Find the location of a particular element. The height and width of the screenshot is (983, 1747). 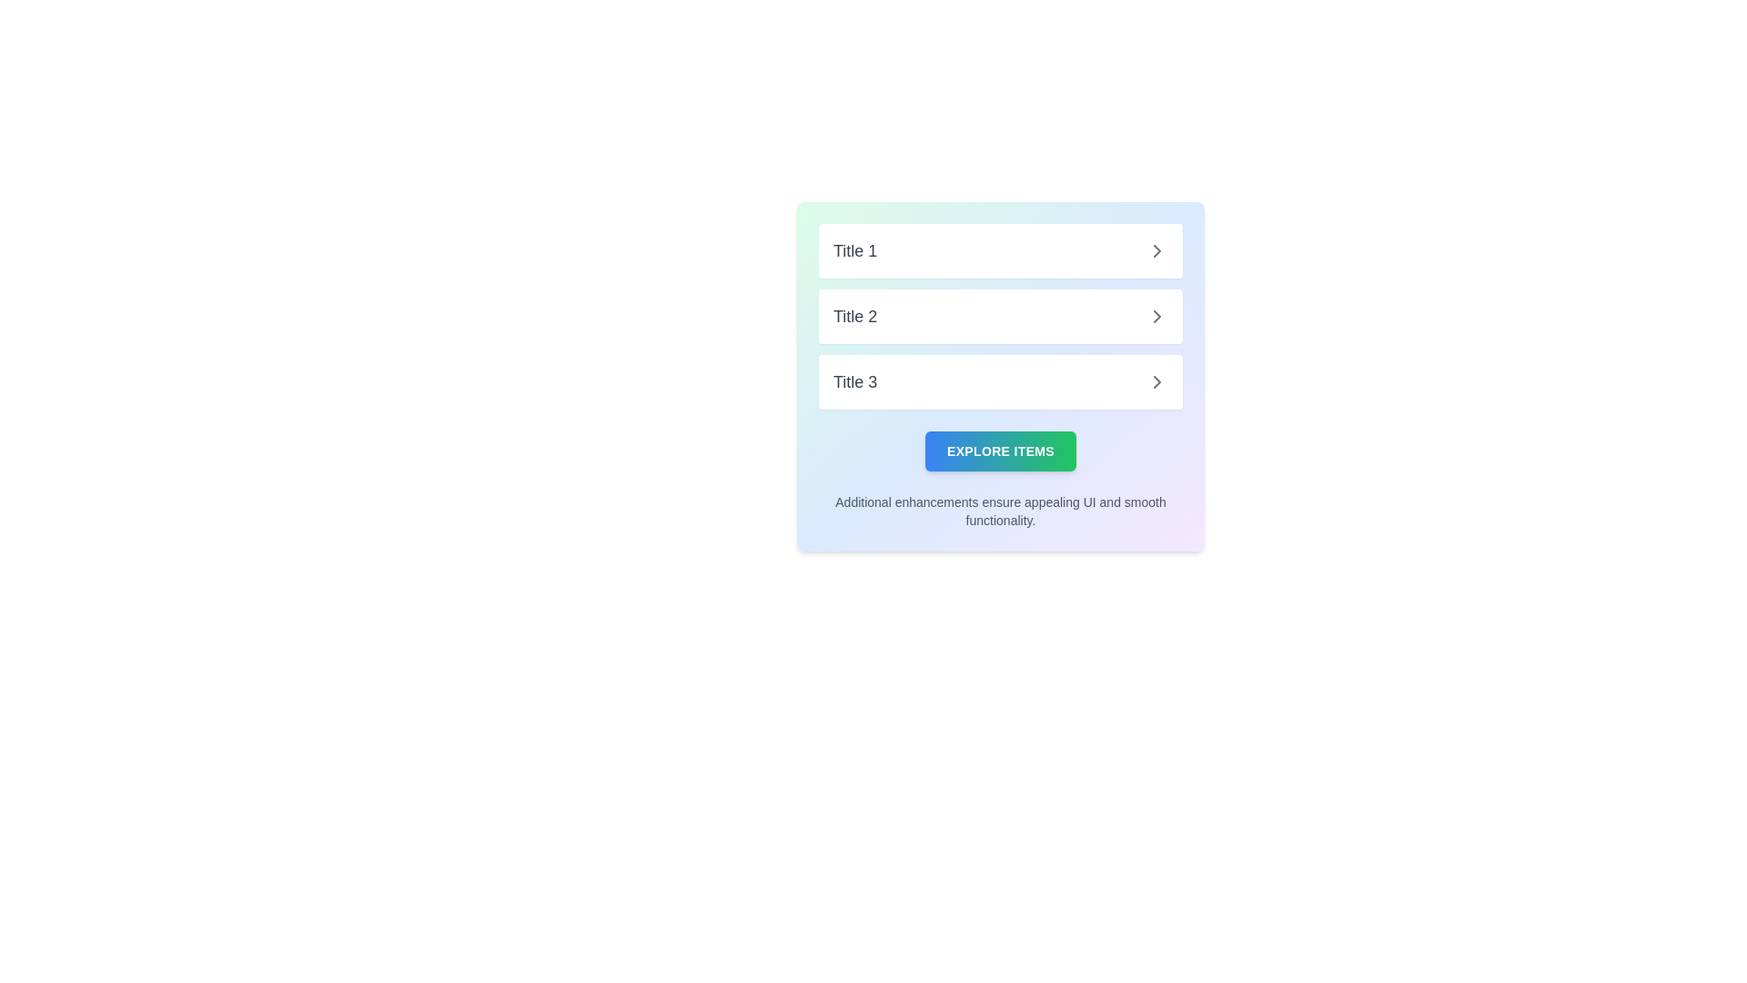

the selectable button for 'Title 2', which is positioned in the second place of a vertical list of three cards is located at coordinates (999, 315).